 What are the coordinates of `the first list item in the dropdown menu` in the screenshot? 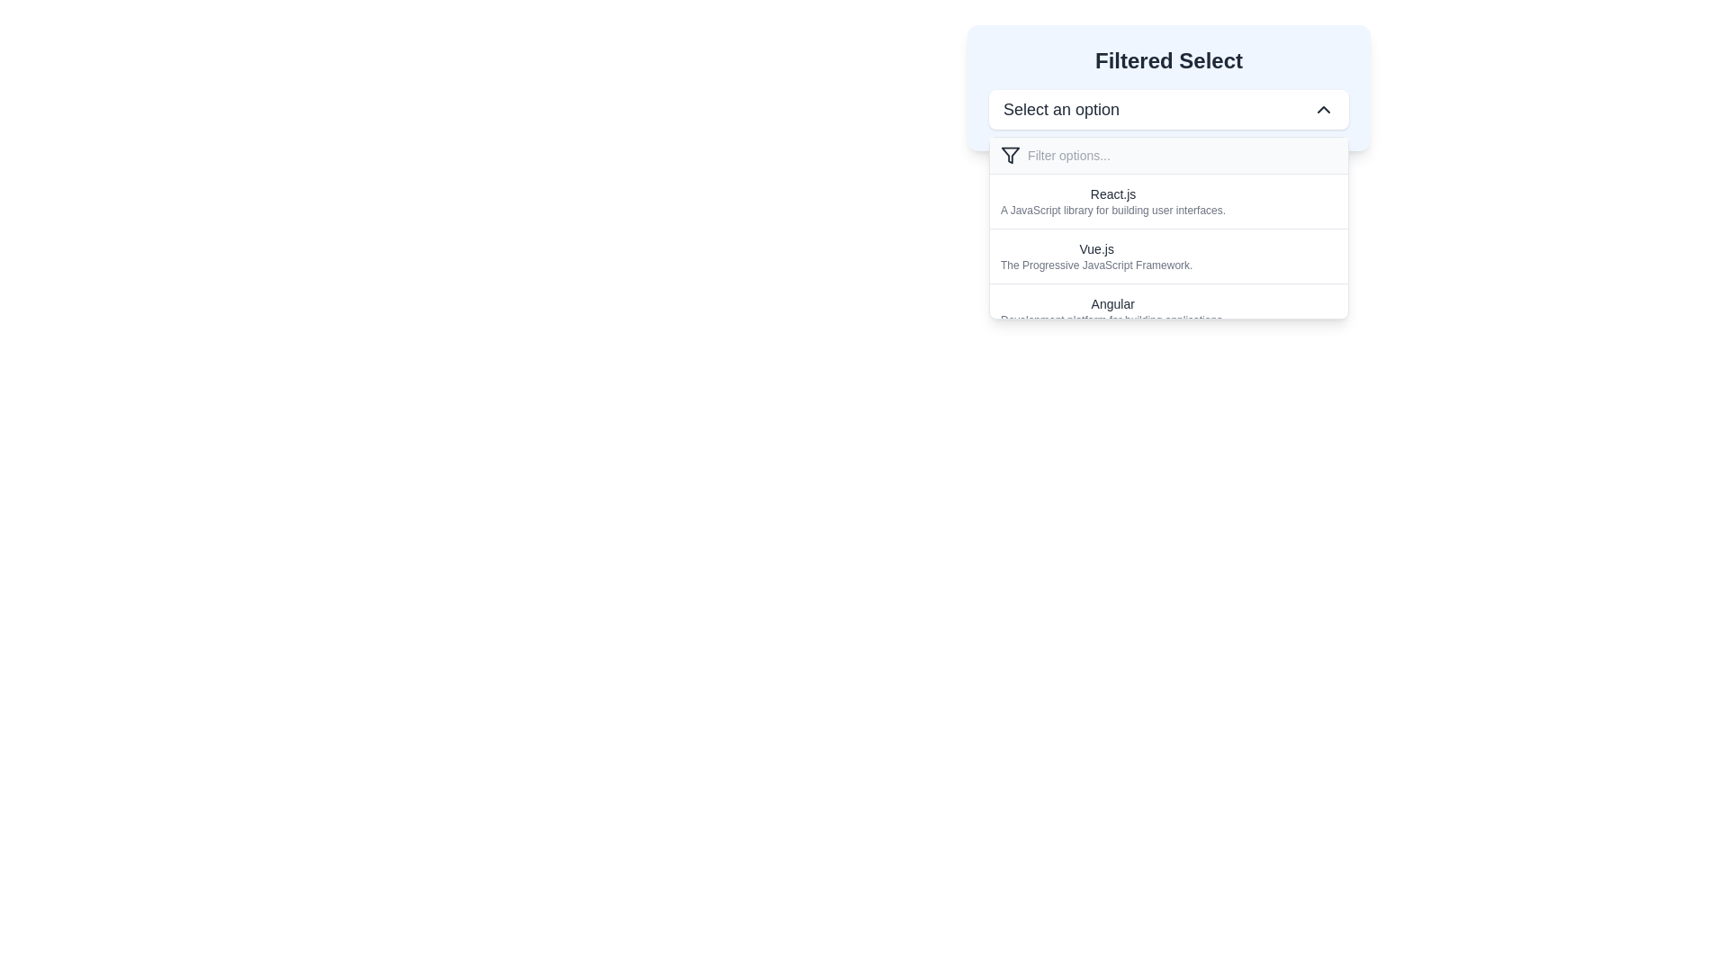 It's located at (1112, 201).